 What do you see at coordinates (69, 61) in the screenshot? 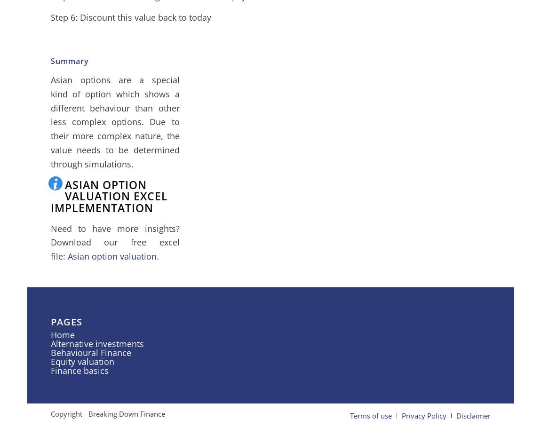
I see `'Summary'` at bounding box center [69, 61].